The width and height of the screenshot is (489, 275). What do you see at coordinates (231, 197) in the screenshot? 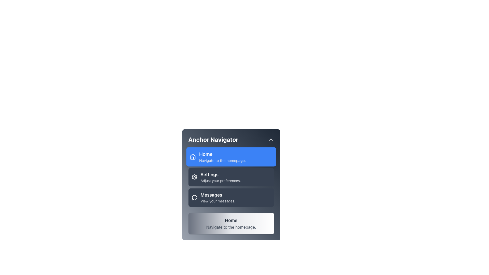
I see `the third navigation button labeled 'Messages' in the 'Anchor Navigator'` at bounding box center [231, 197].